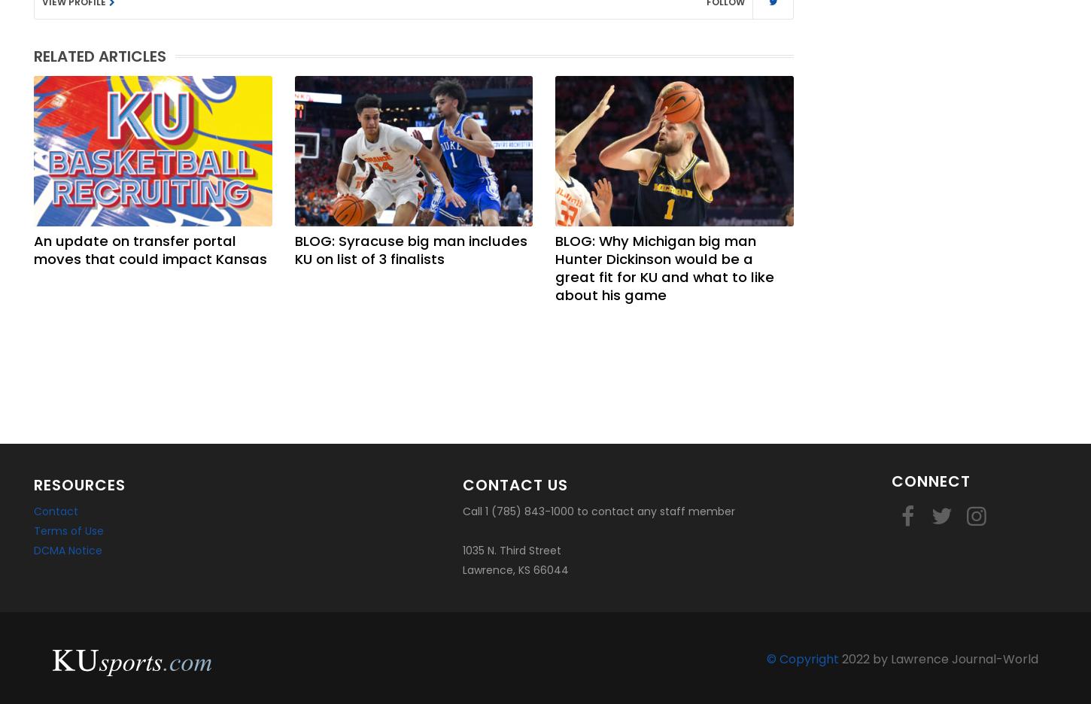 The height and width of the screenshot is (704, 1091). What do you see at coordinates (767, 658) in the screenshot?
I see `'© Copyright'` at bounding box center [767, 658].